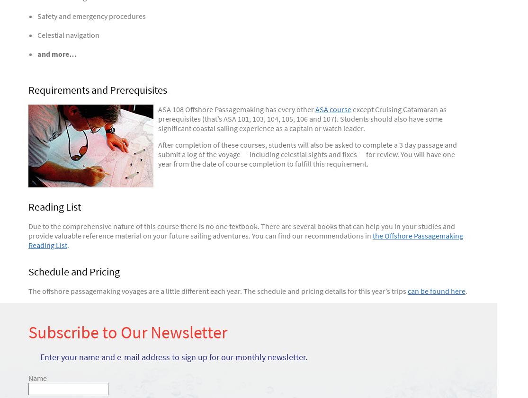  Describe the element at coordinates (56, 53) in the screenshot. I see `'and more…'` at that location.